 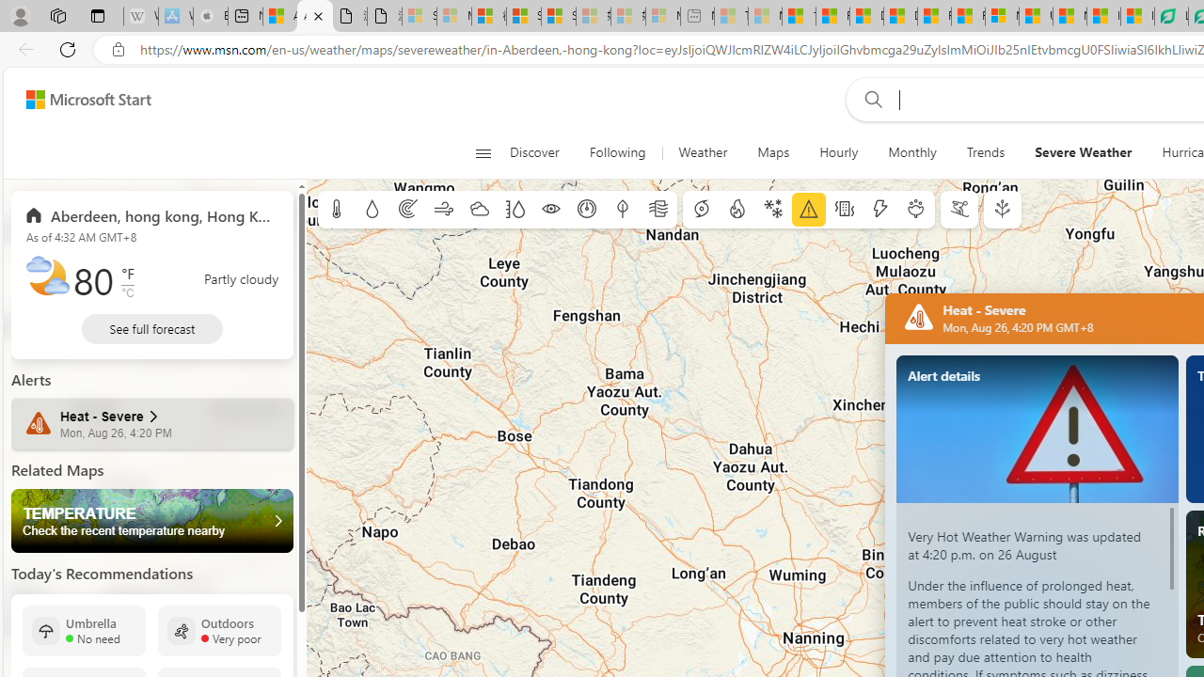 I want to click on 'Food and Drink - MSN', so click(x=832, y=16).